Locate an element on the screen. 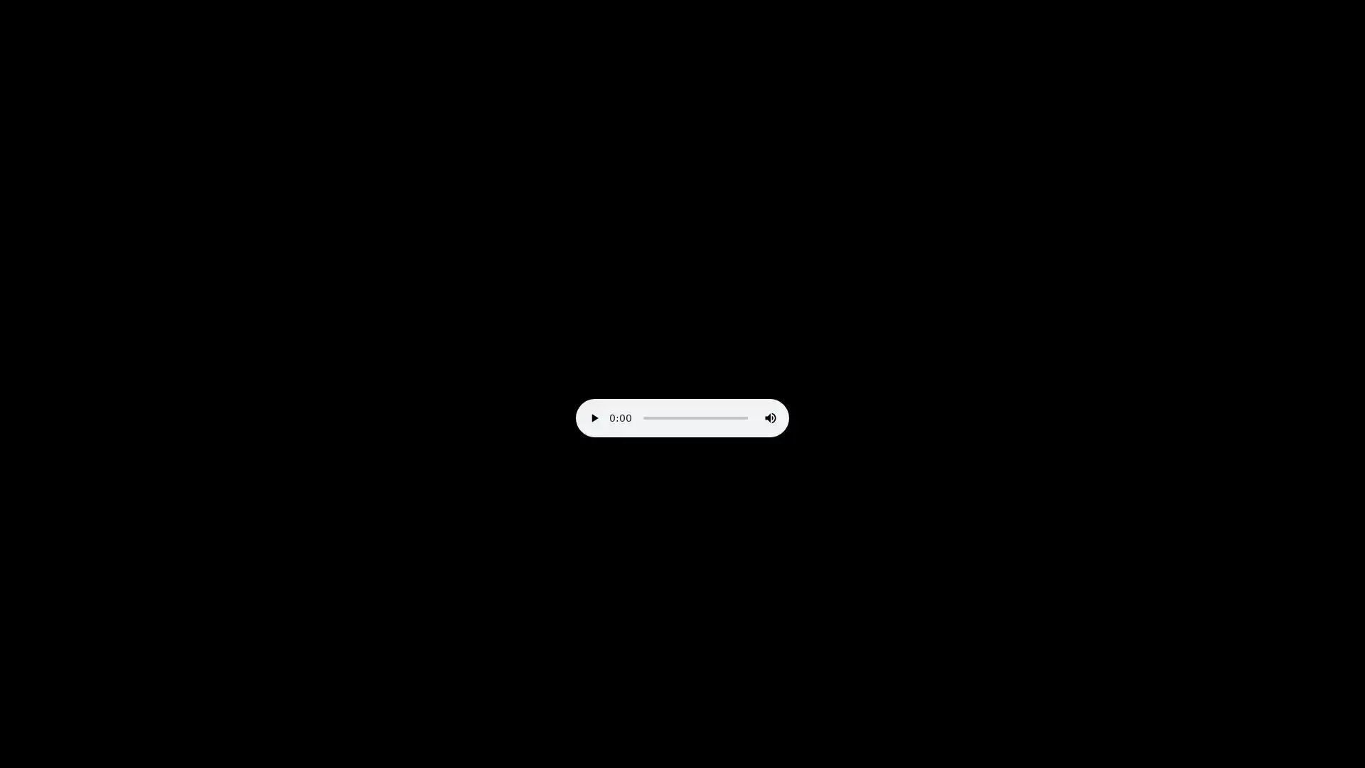  play is located at coordinates (594, 417).